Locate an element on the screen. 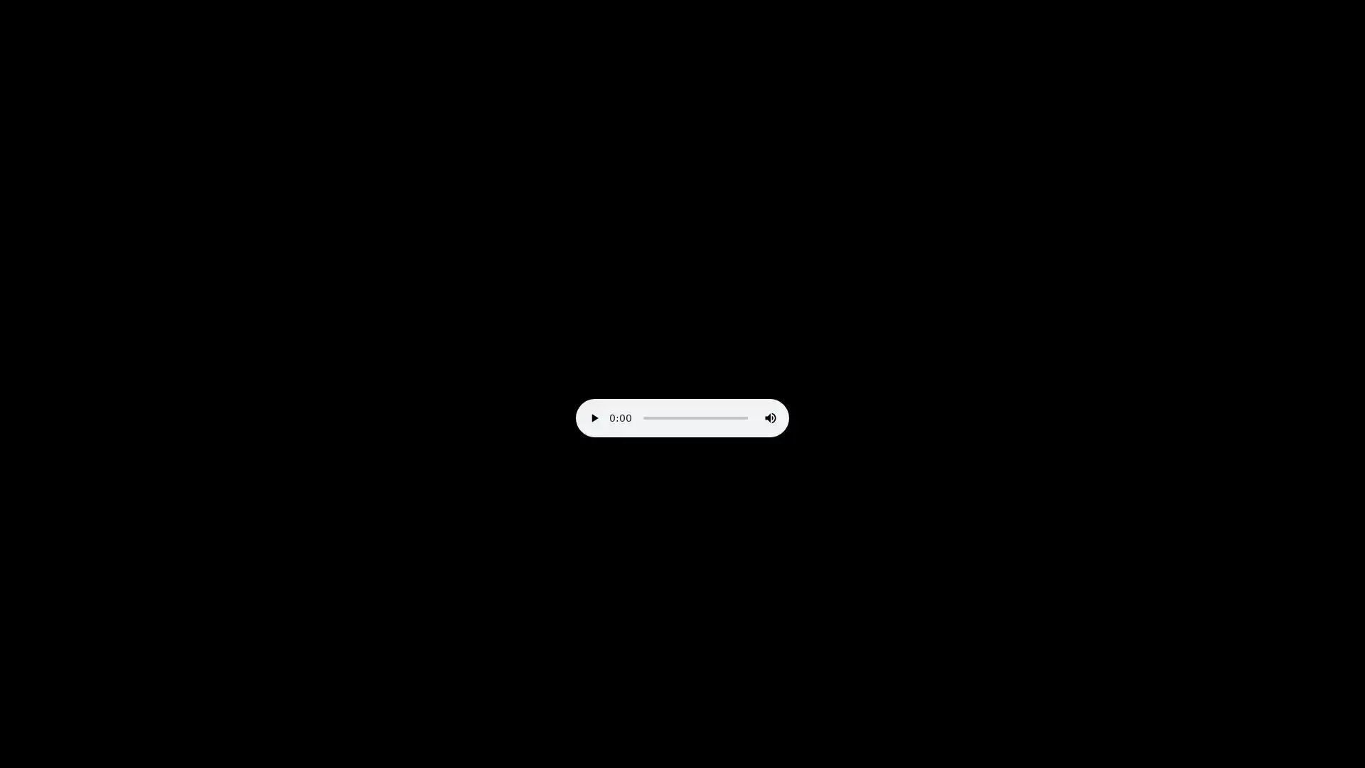  play is located at coordinates (594, 417).